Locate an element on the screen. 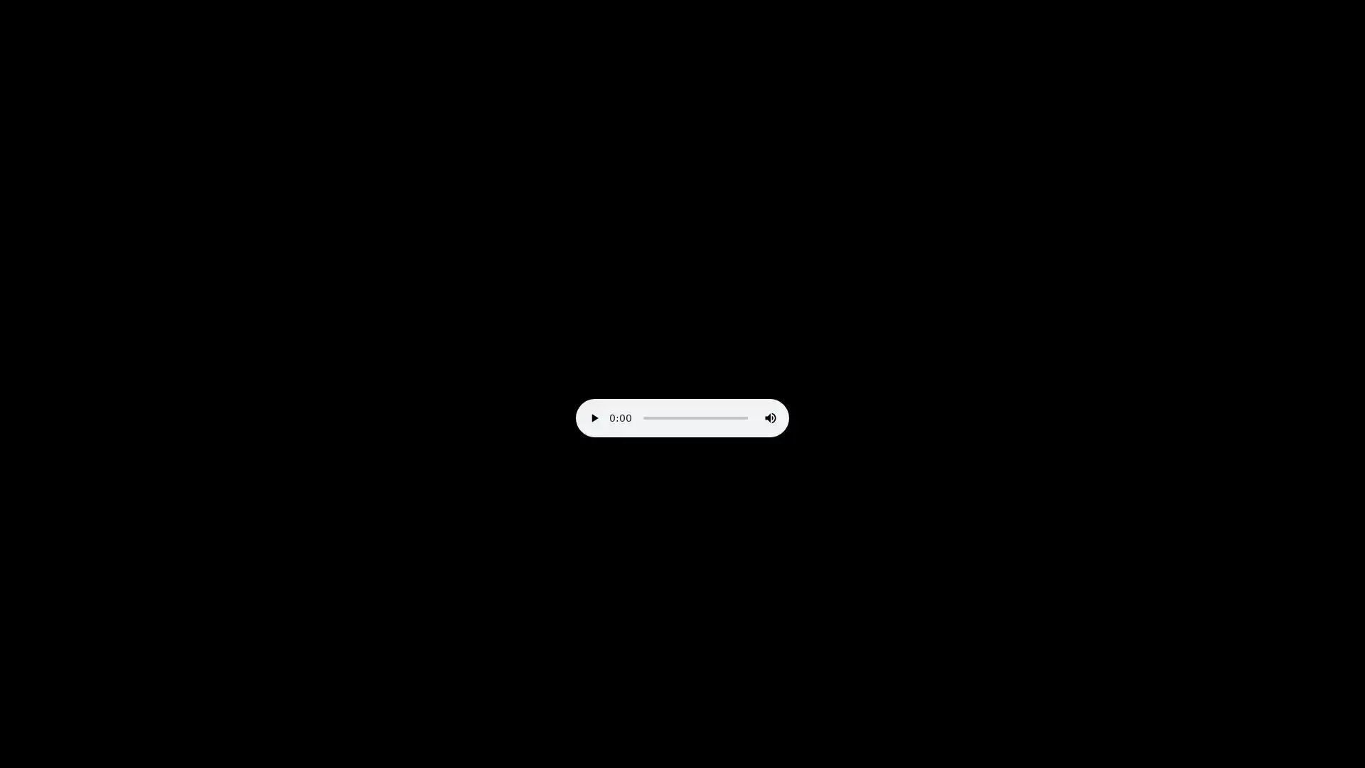  play is located at coordinates (594, 417).